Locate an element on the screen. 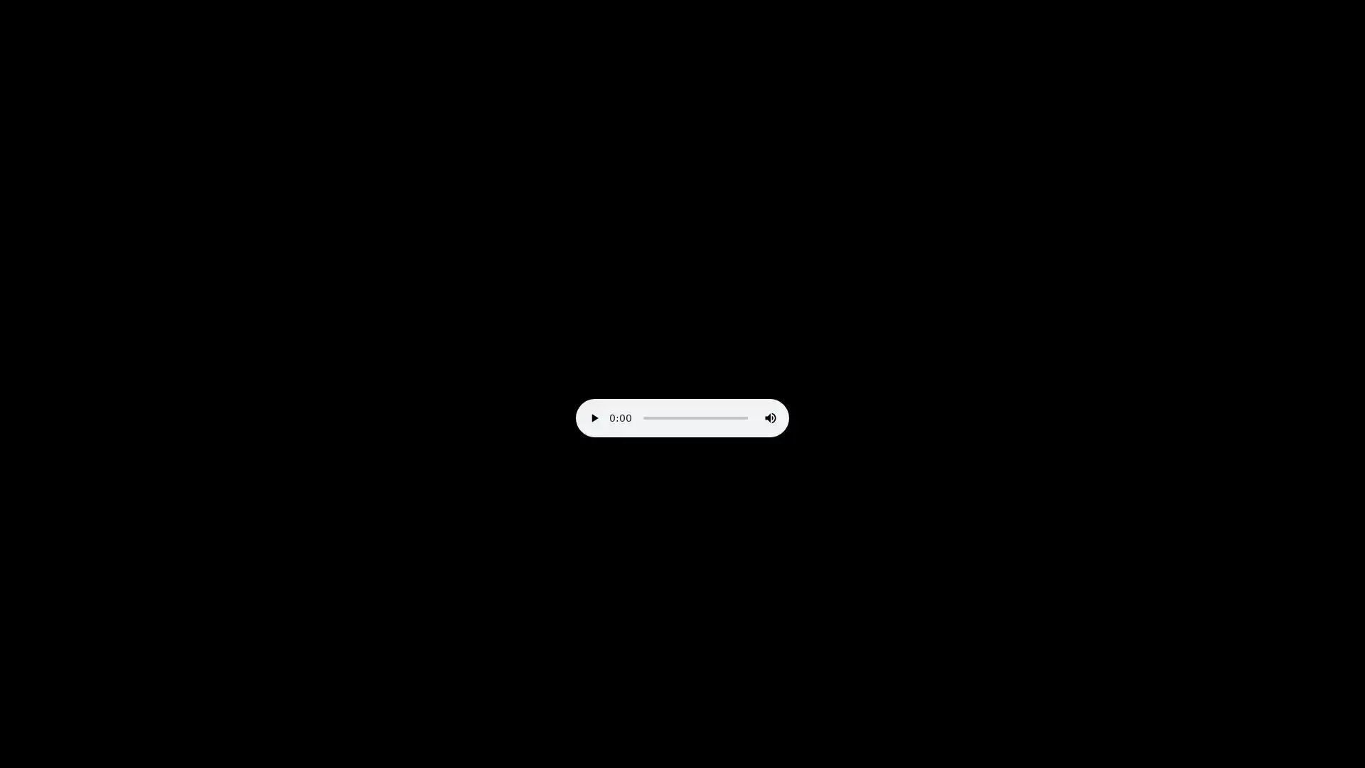  play is located at coordinates (594, 417).